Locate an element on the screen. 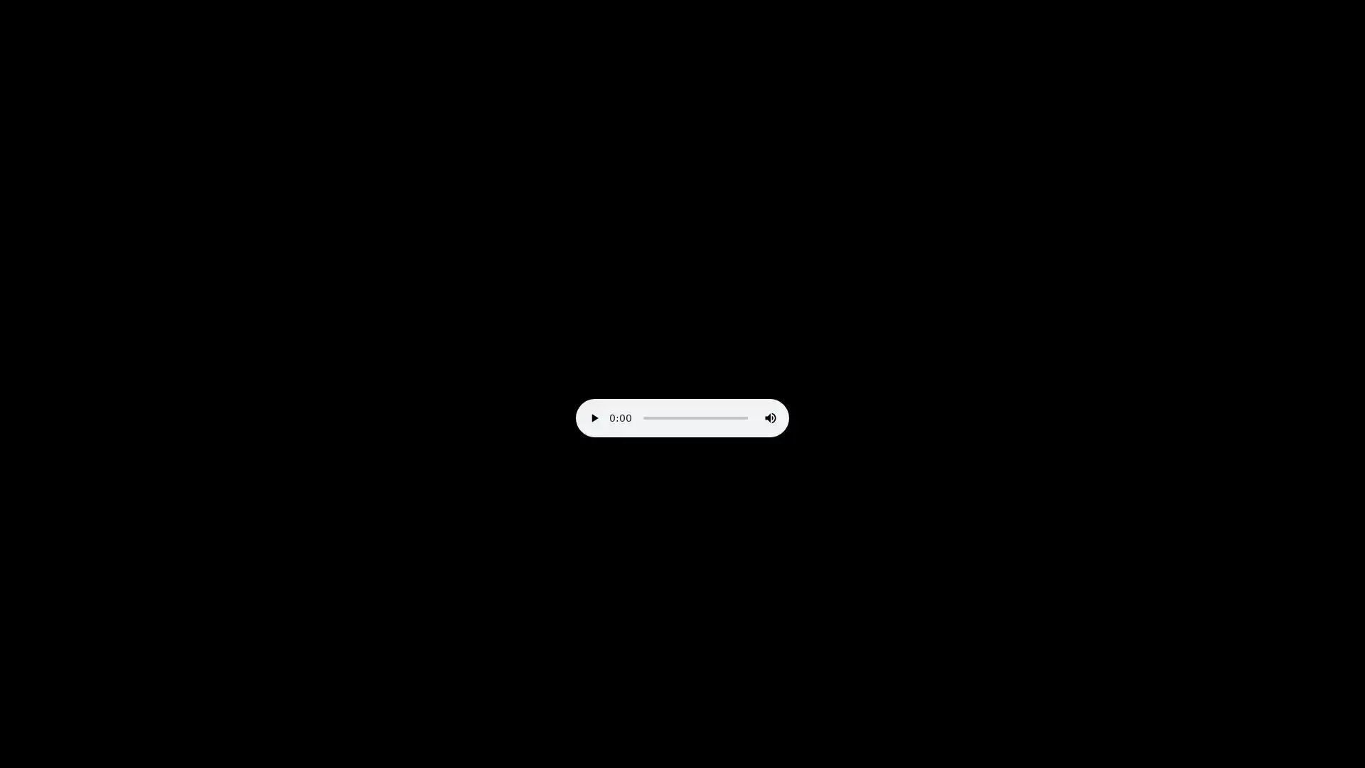  play is located at coordinates (594, 417).